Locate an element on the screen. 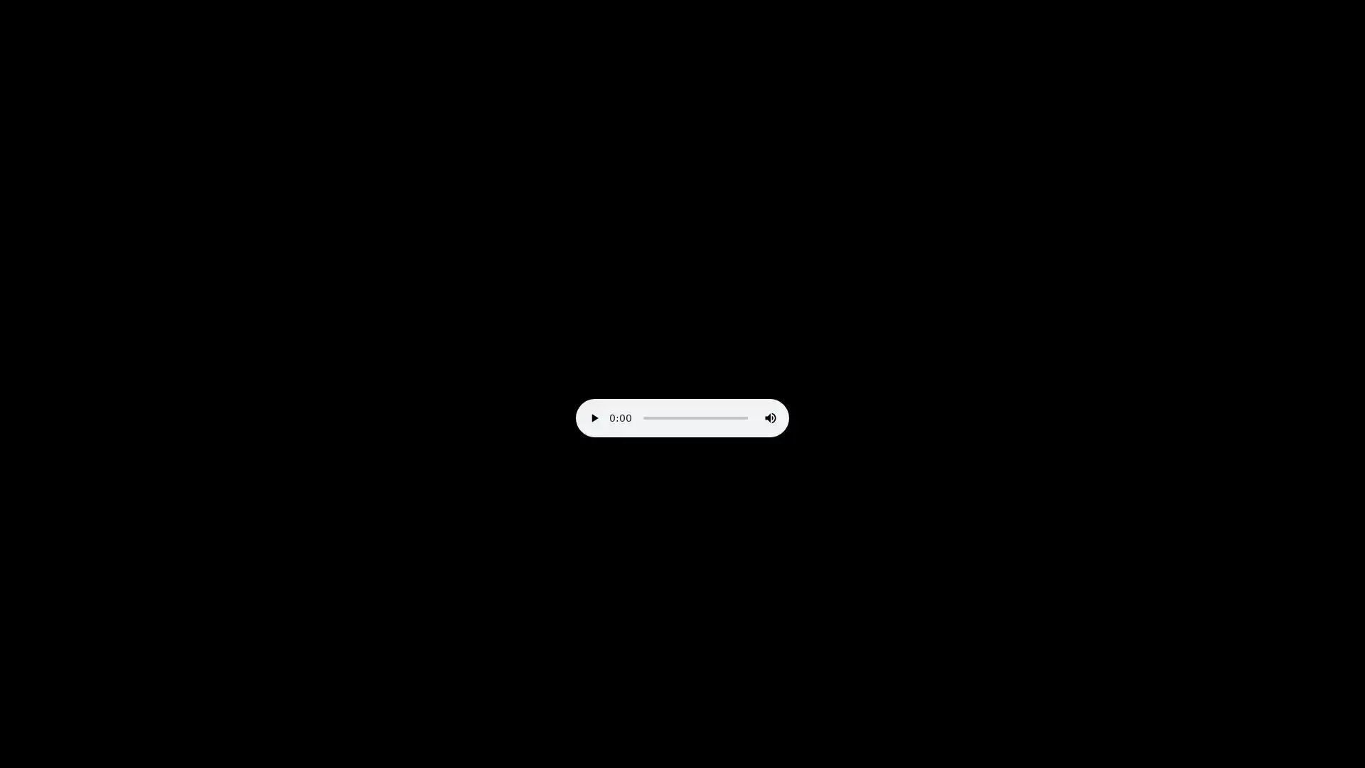  play is located at coordinates (594, 417).